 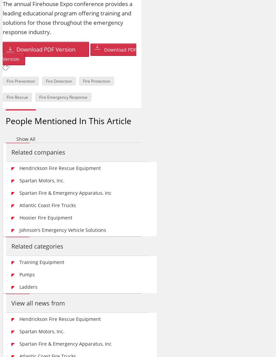 I want to click on 'Related categories', so click(x=37, y=246).